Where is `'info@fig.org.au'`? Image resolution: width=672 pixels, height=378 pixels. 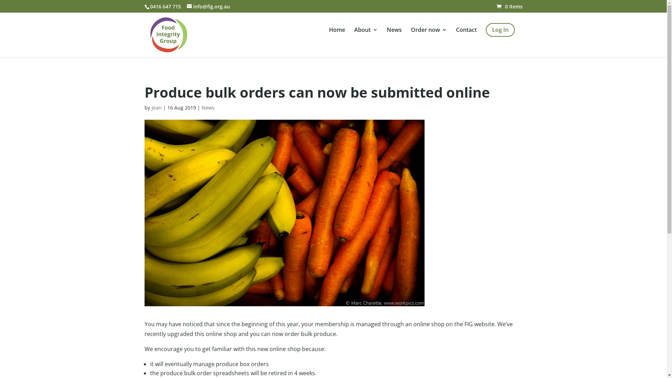
'info@fig.org.au' is located at coordinates (208, 6).